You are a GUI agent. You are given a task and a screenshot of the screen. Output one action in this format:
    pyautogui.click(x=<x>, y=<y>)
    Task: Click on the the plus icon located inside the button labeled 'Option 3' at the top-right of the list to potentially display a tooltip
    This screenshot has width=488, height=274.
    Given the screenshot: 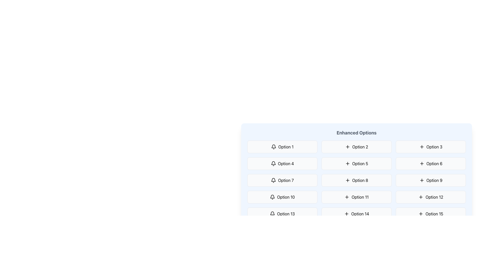 What is the action you would take?
    pyautogui.click(x=422, y=147)
    